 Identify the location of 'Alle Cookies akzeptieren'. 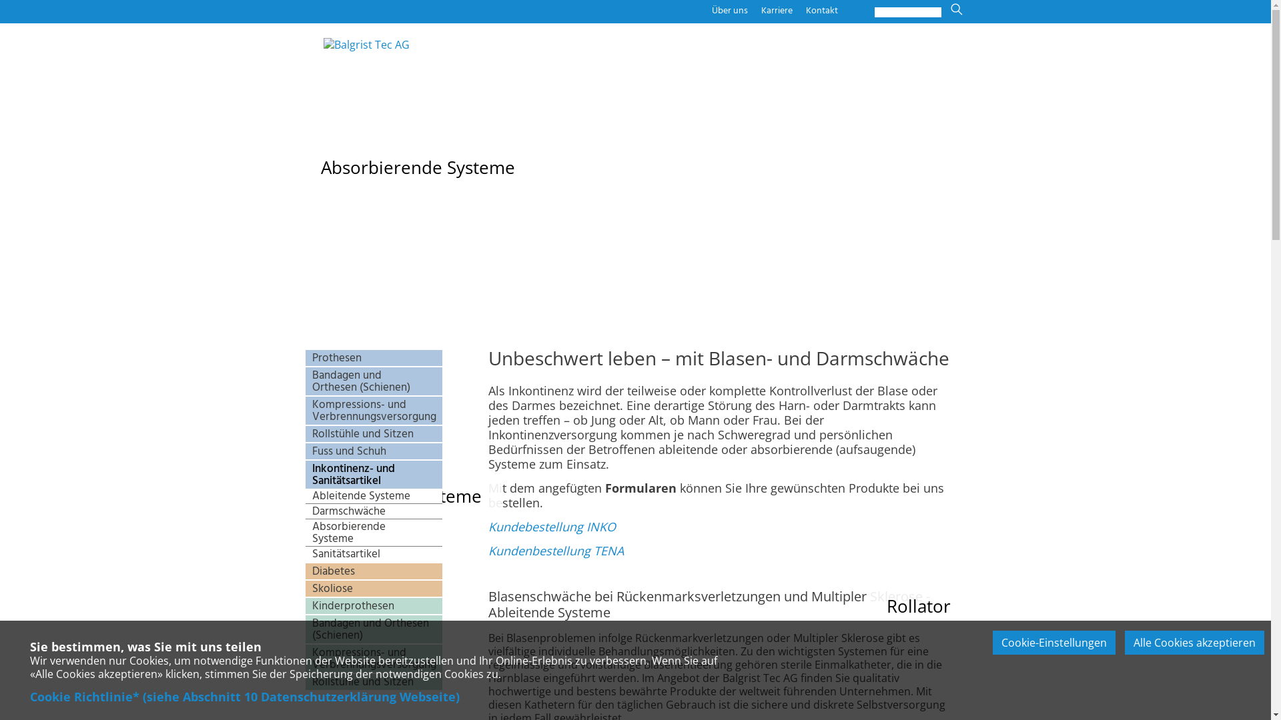
(1194, 642).